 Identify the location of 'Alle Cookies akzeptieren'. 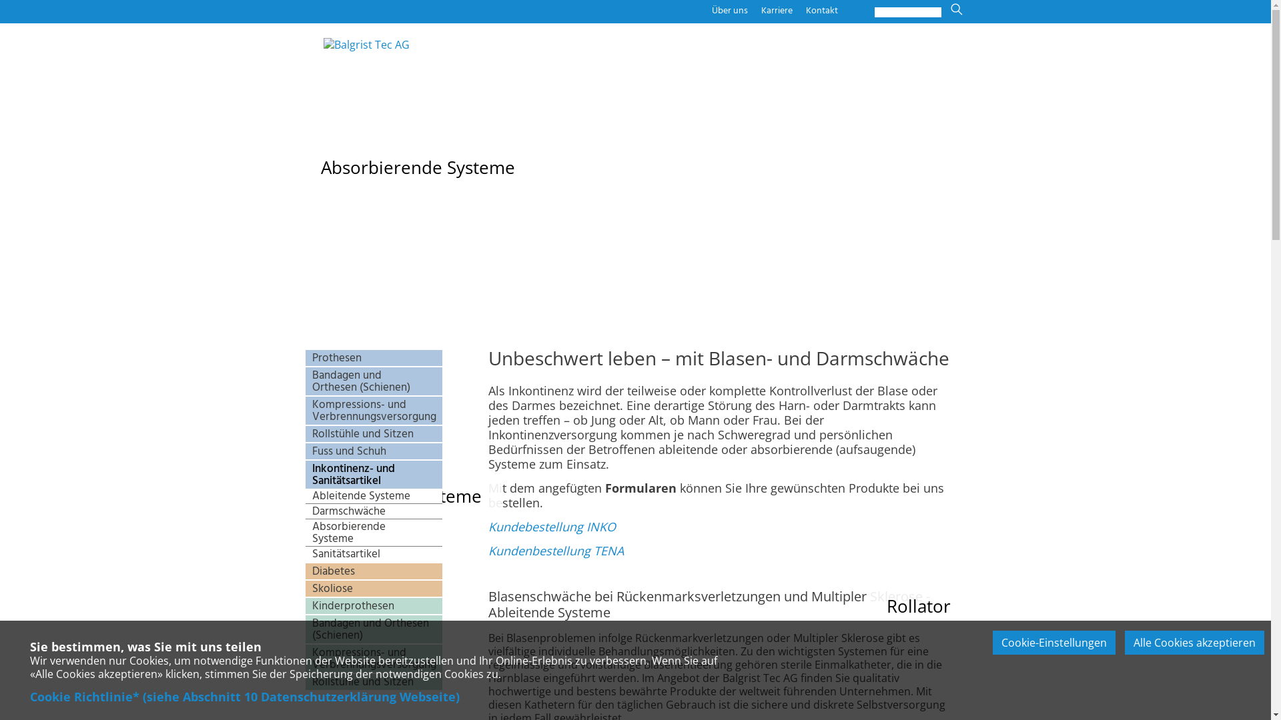
(1194, 642).